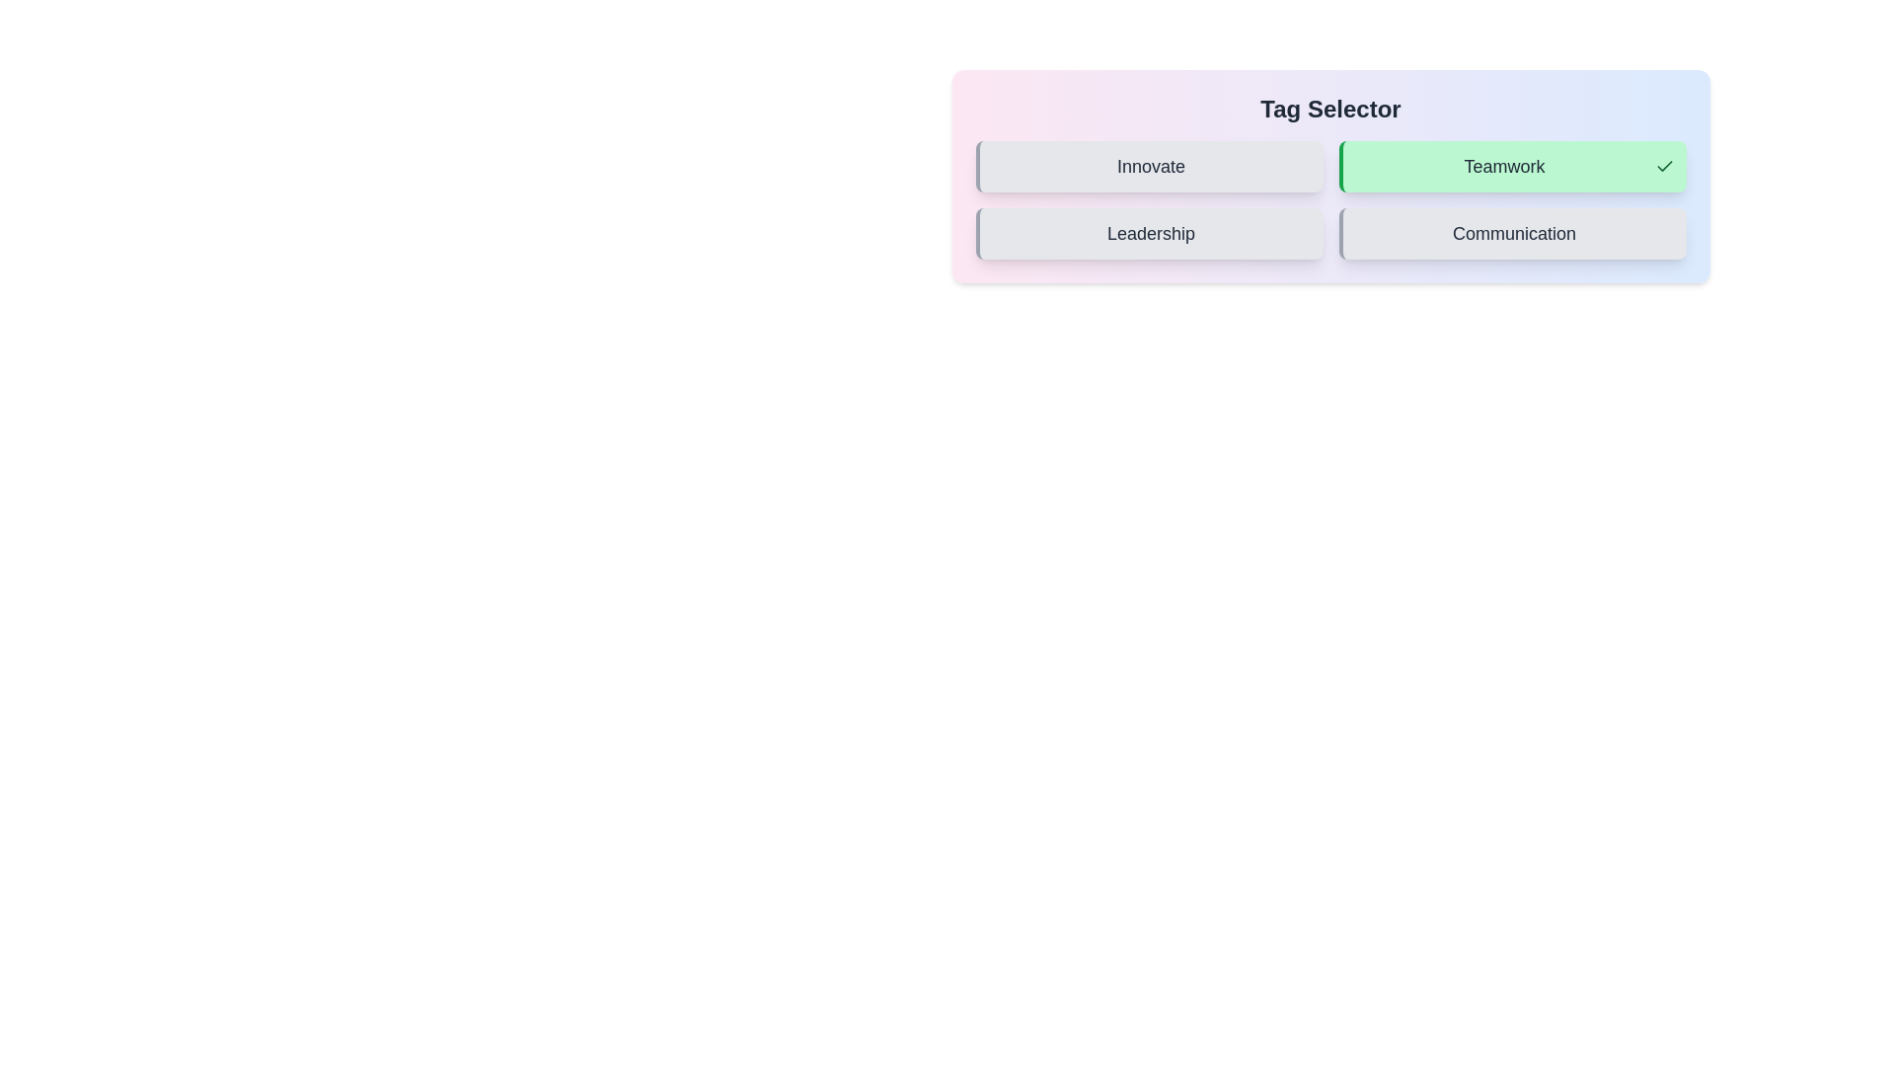 The image size is (1895, 1066). What do you see at coordinates (1149, 232) in the screenshot?
I see `the tag Leadership to observe hover effects` at bounding box center [1149, 232].